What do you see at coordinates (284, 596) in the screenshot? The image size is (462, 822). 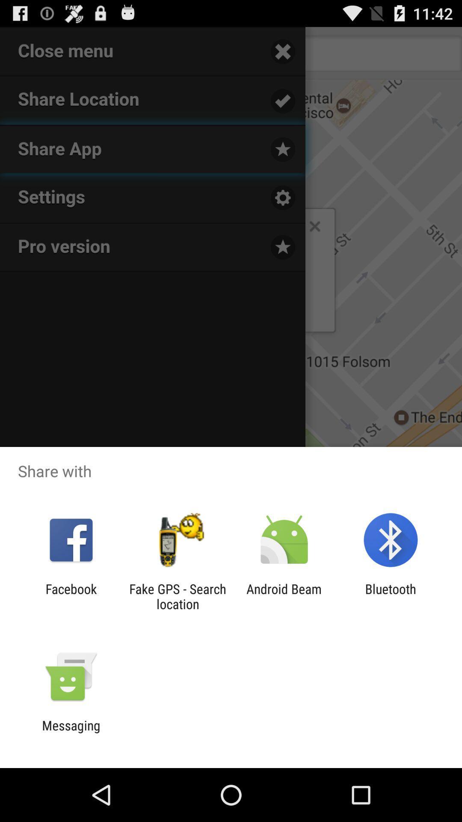 I see `app next to the fake gps search` at bounding box center [284, 596].